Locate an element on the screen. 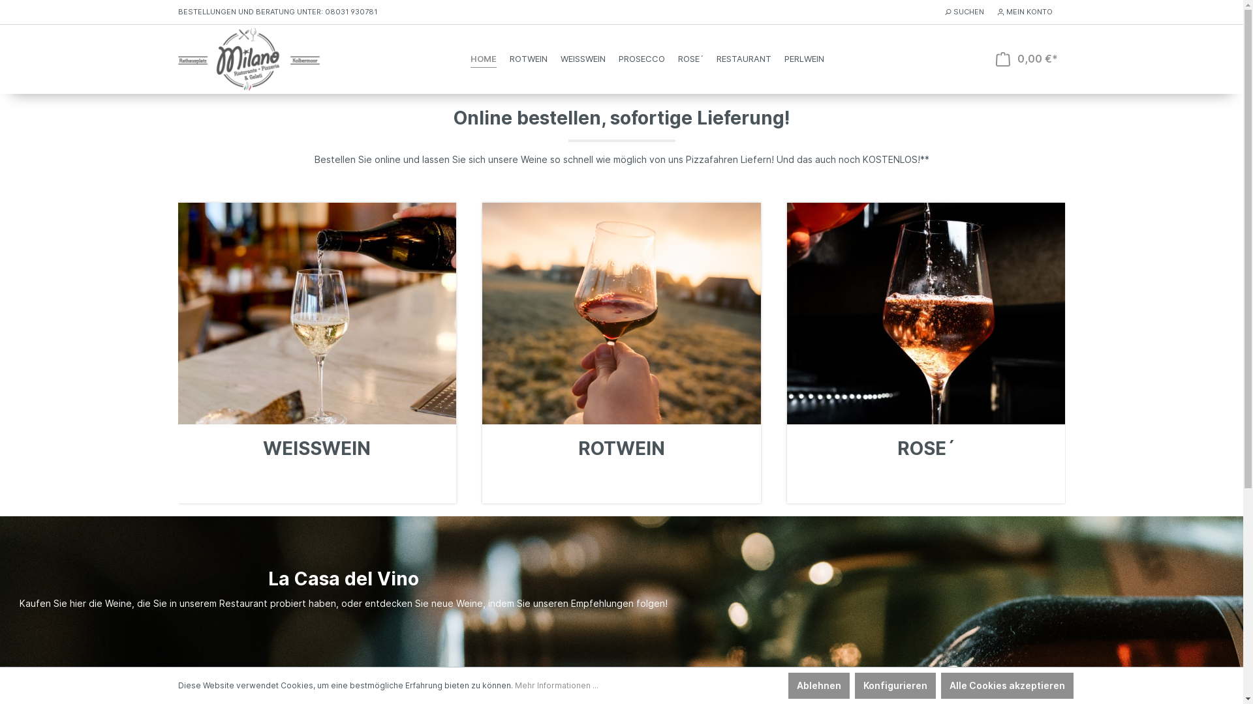  'RESTAURANT' is located at coordinates (744, 59).